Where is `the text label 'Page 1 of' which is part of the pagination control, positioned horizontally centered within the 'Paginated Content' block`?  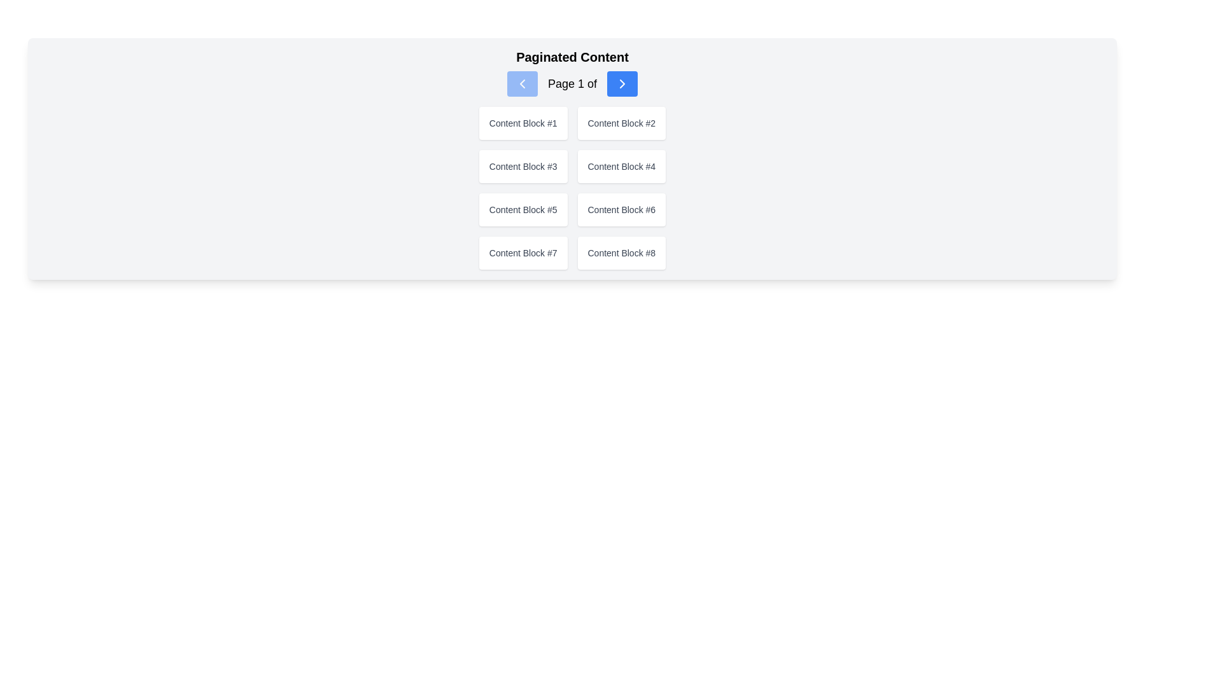 the text label 'Page 1 of' which is part of the pagination control, positioned horizontally centered within the 'Paginated Content' block is located at coordinates (572, 83).